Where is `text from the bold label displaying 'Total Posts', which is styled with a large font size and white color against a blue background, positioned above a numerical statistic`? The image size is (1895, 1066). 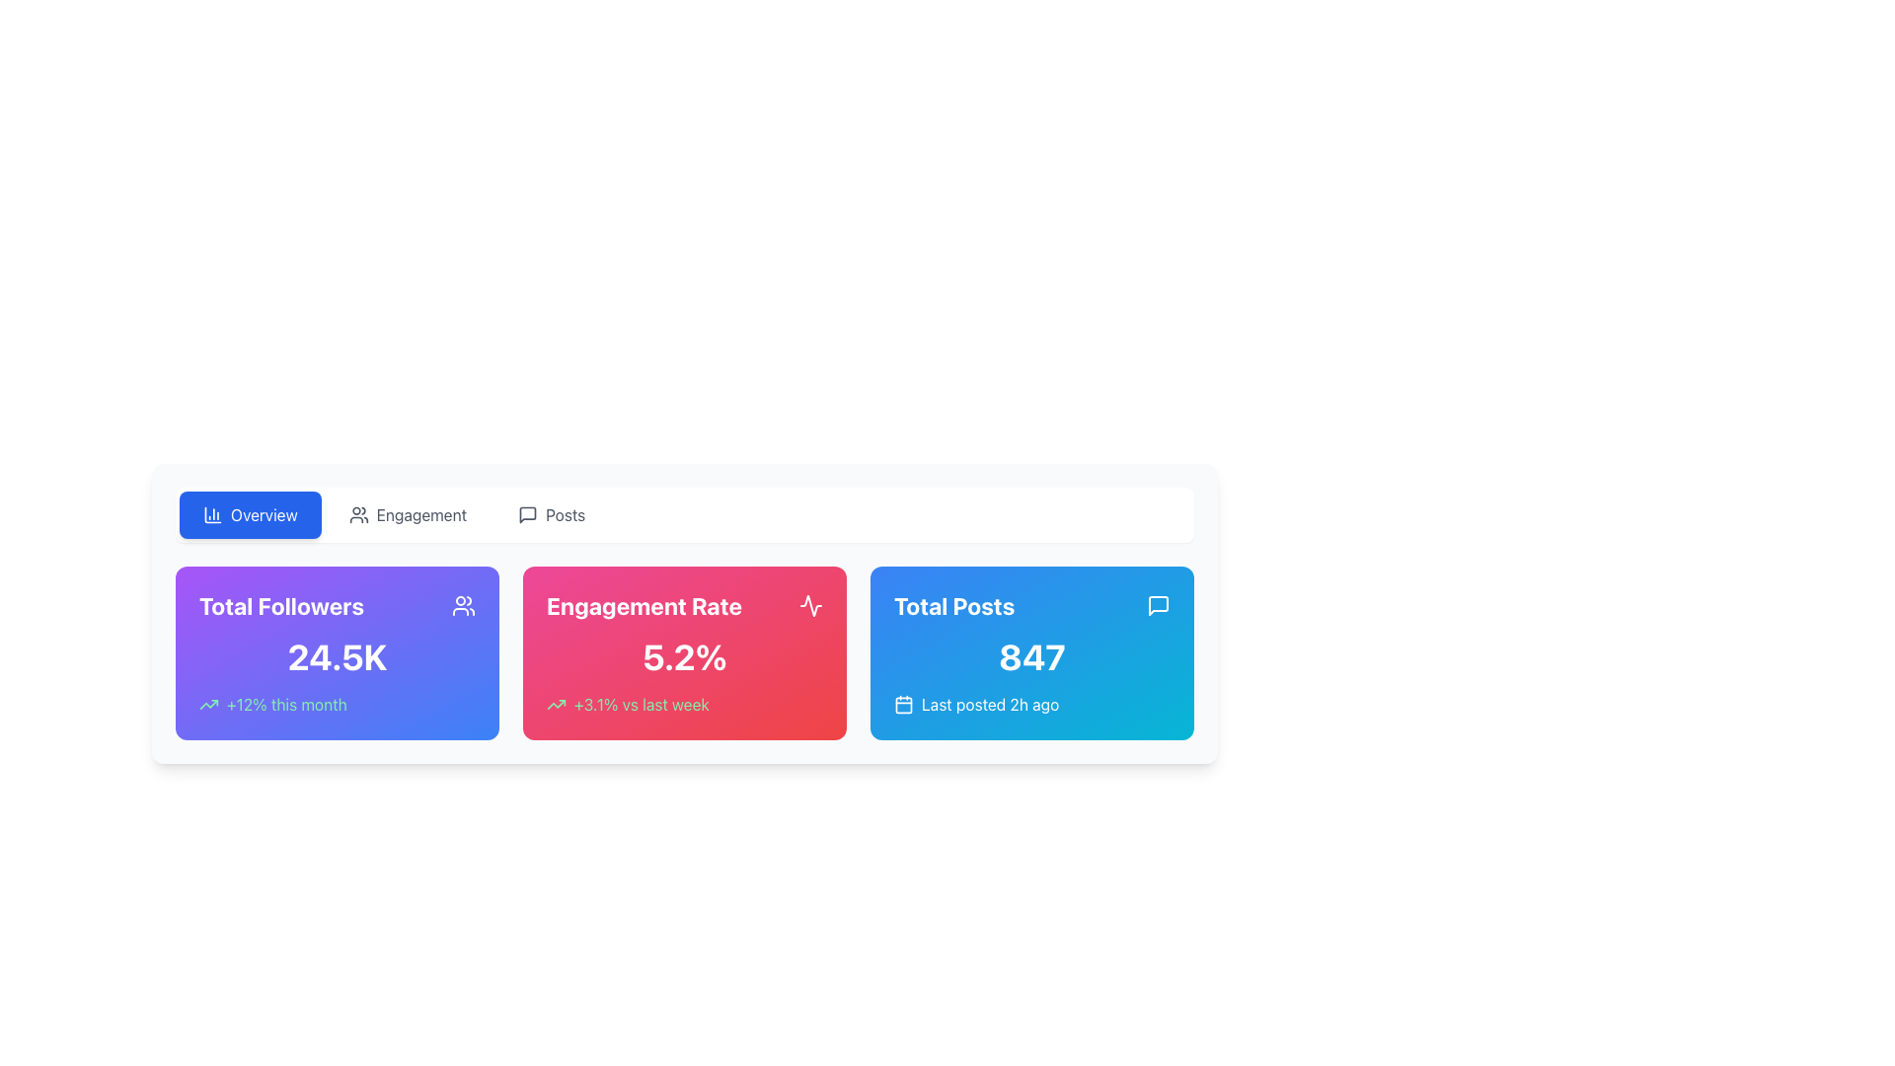 text from the bold label displaying 'Total Posts', which is styled with a large font size and white color against a blue background, positioned above a numerical statistic is located at coordinates (954, 604).